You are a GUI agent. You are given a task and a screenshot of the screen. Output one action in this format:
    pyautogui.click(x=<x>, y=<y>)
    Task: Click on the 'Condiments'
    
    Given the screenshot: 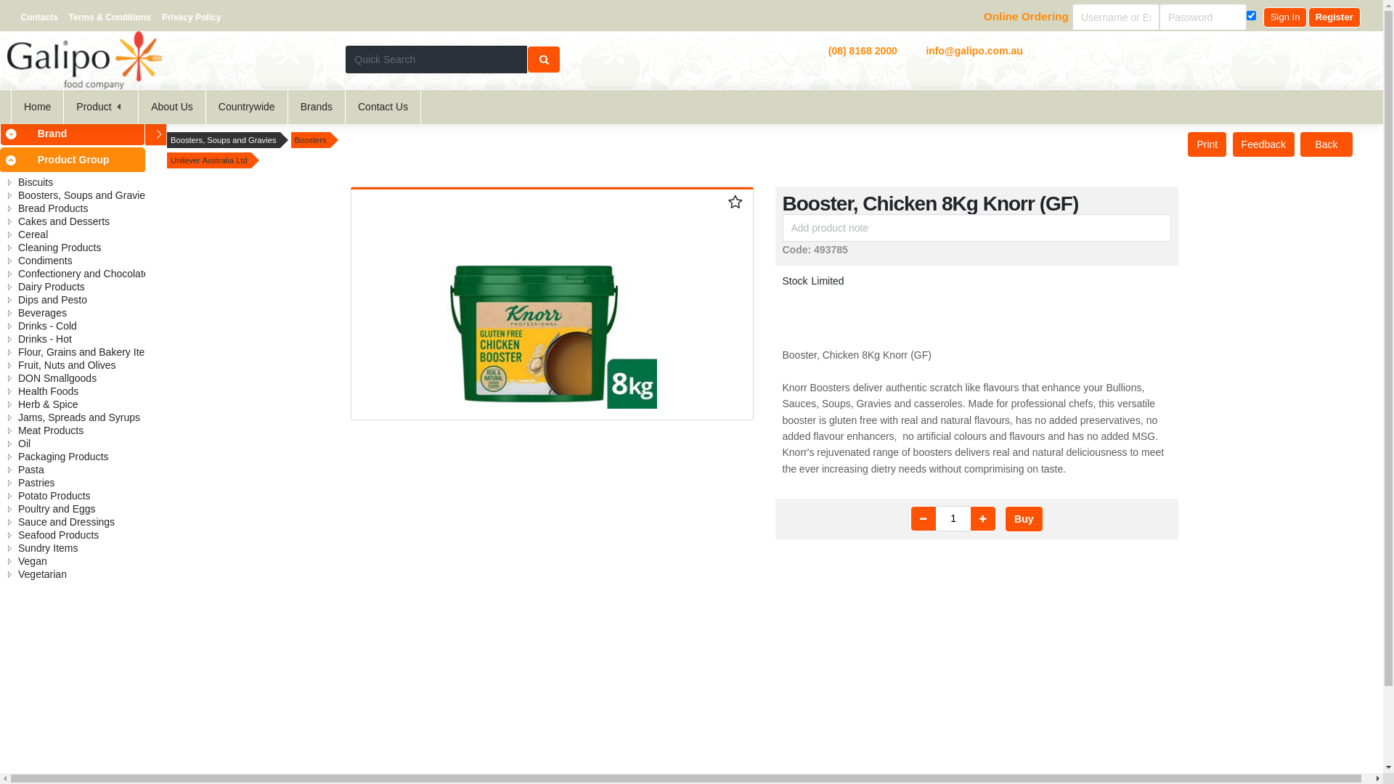 What is the action you would take?
    pyautogui.click(x=17, y=259)
    